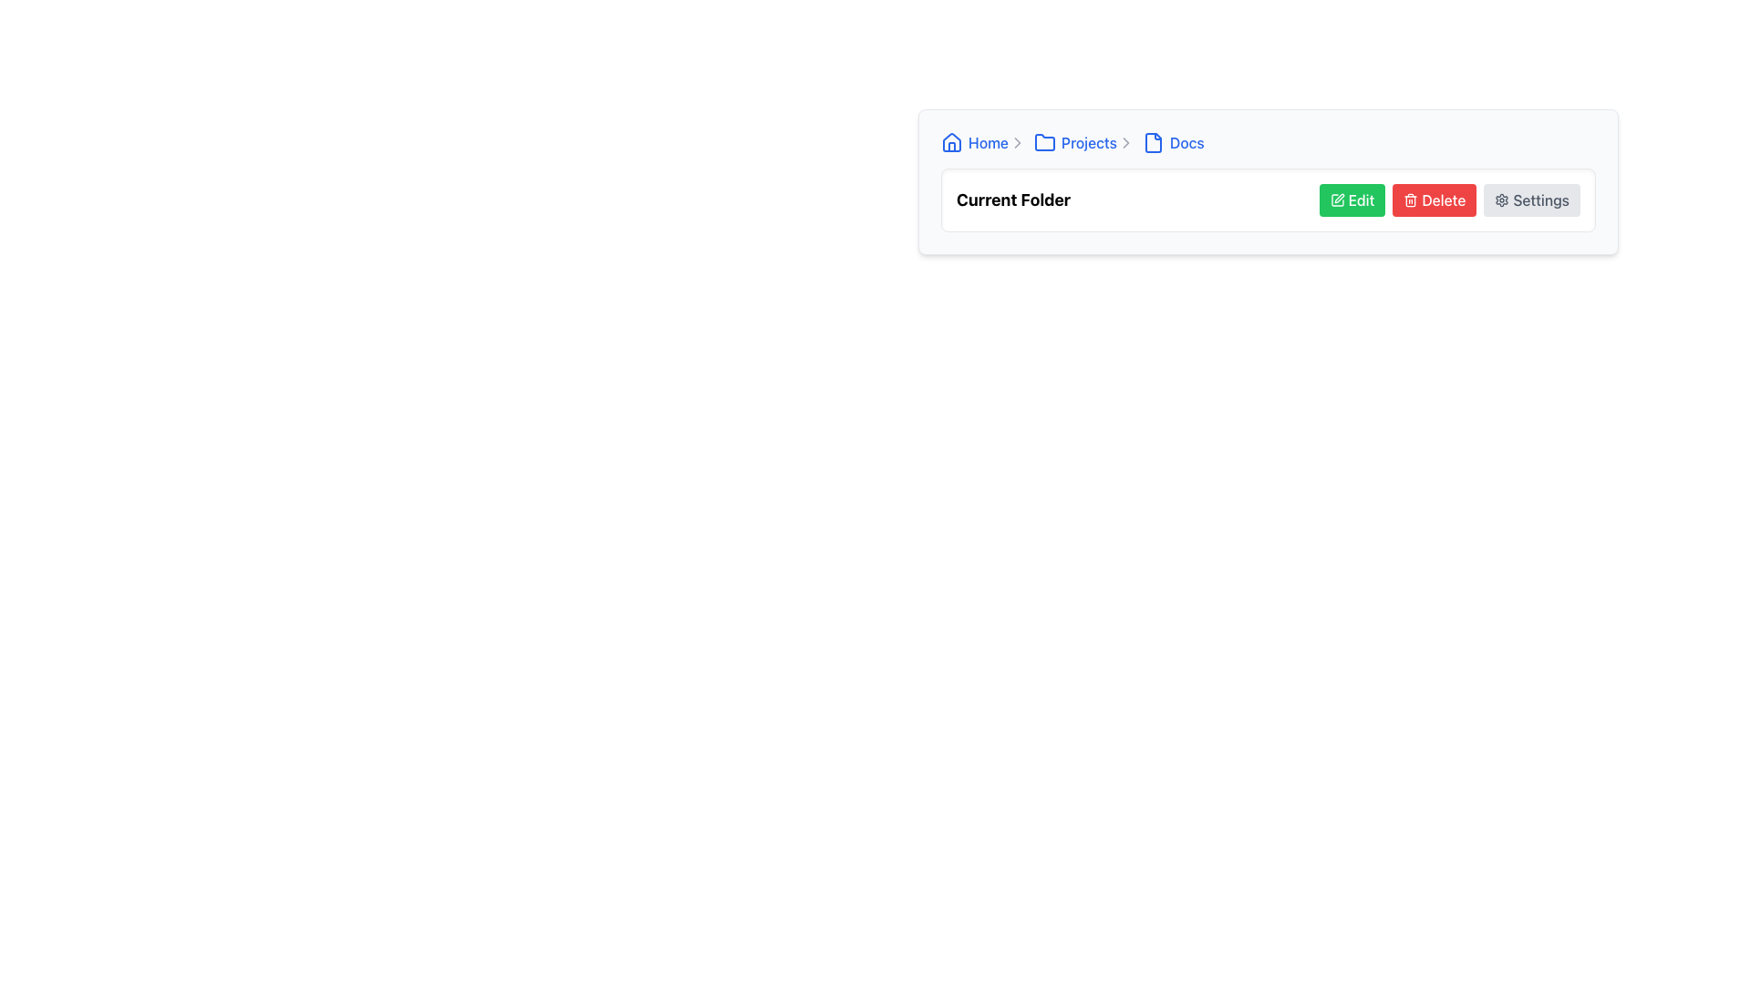  I want to click on the interactive link labeled 'Projects' which features a blue folder icon, located in the breadcrumb navigation bar, so click(1084, 142).